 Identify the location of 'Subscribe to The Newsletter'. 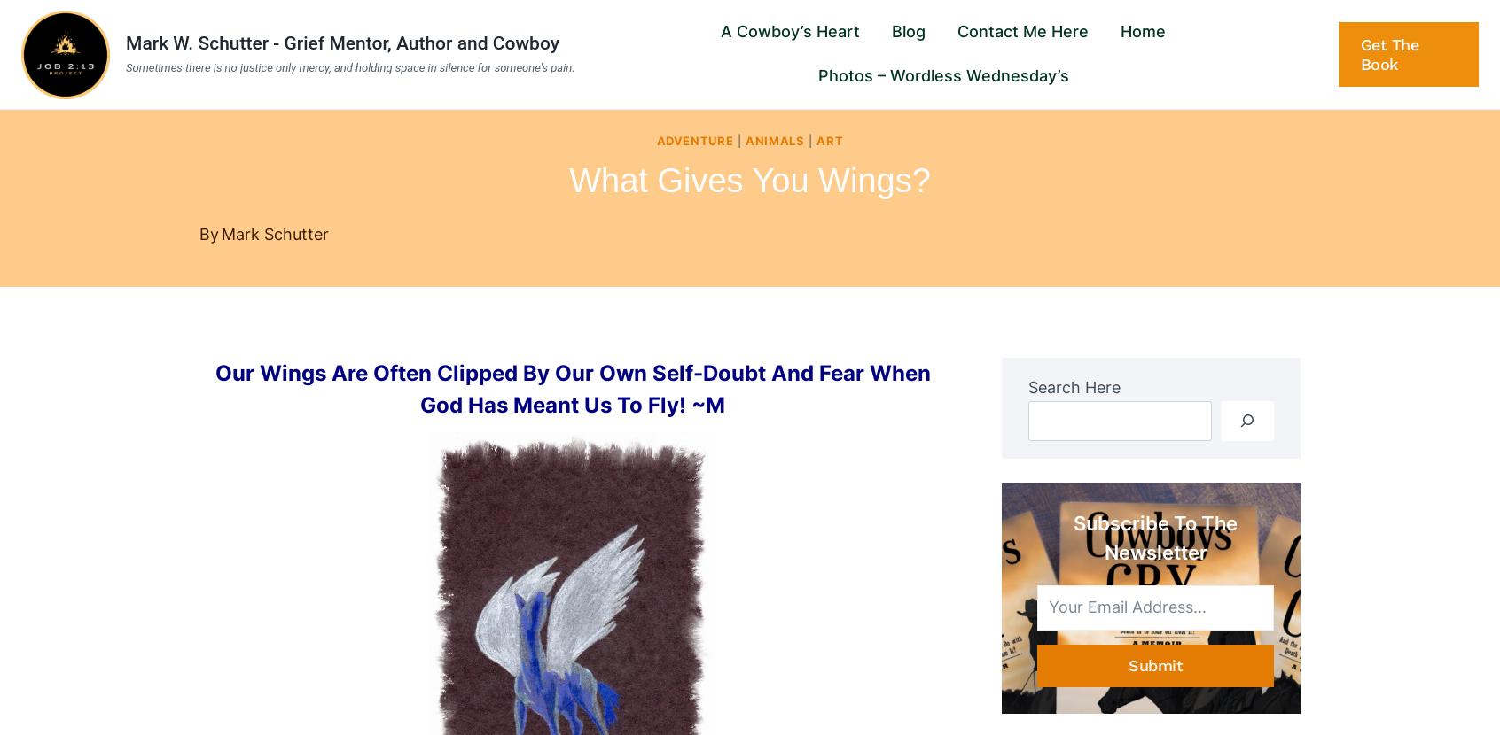
(1154, 537).